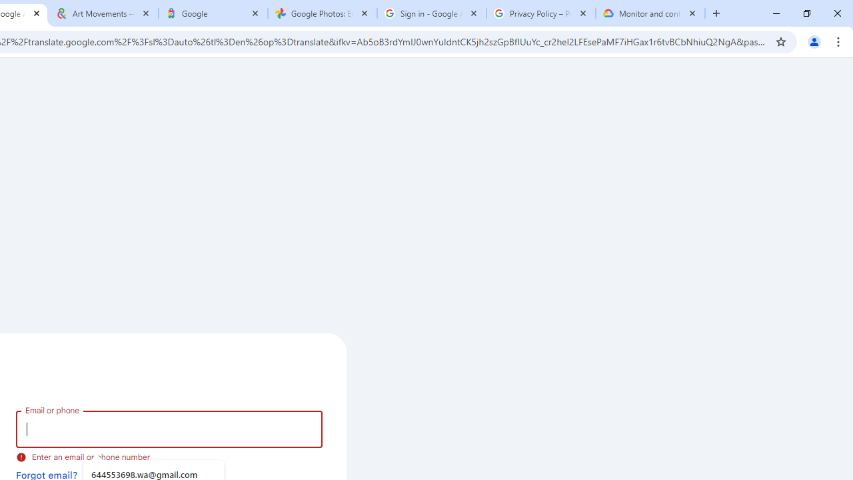 Image resolution: width=853 pixels, height=480 pixels. What do you see at coordinates (213, 13) in the screenshot?
I see `'Google'` at bounding box center [213, 13].